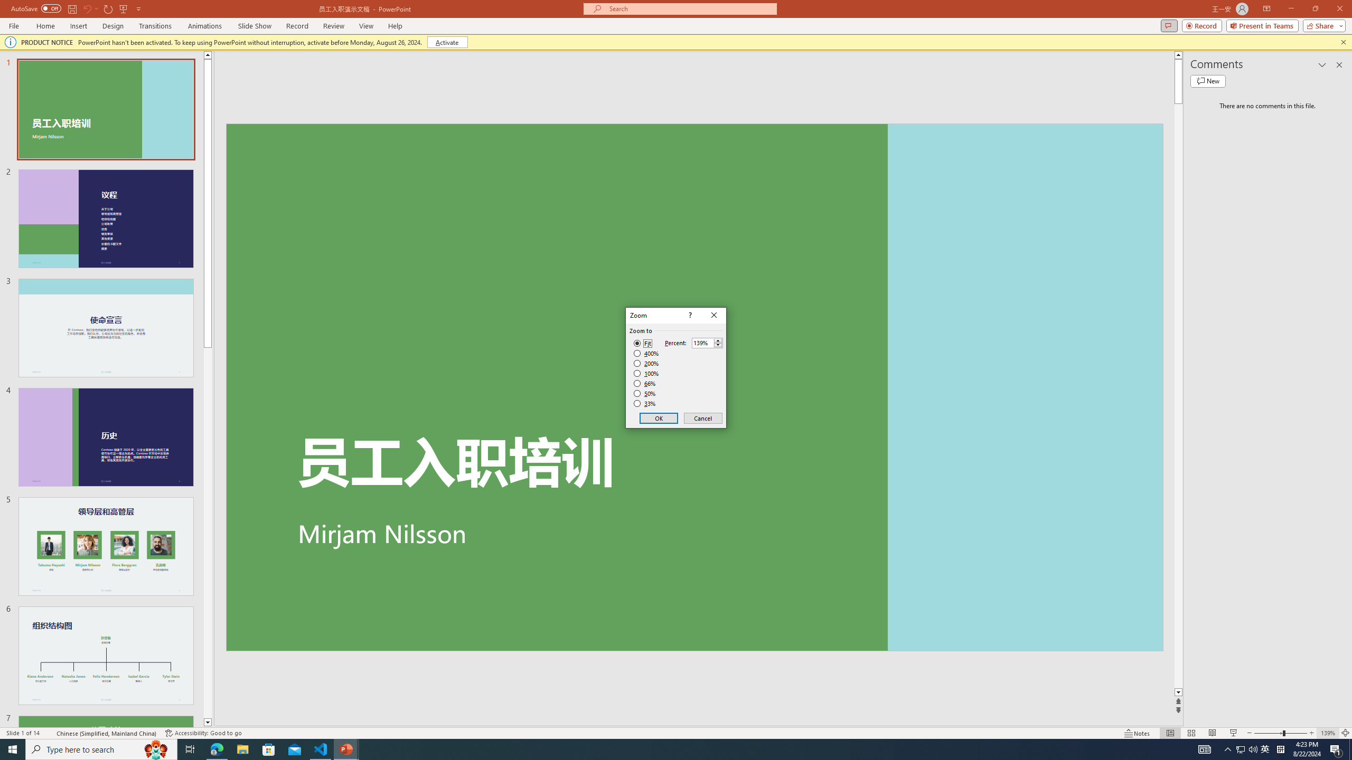 The width and height of the screenshot is (1352, 760). What do you see at coordinates (1321, 64) in the screenshot?
I see `'Task Pane Options'` at bounding box center [1321, 64].